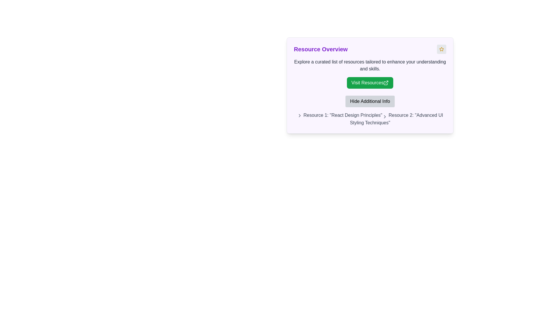 The height and width of the screenshot is (313, 556). I want to click on the star icon located in the top-right corner of the purple panel labeled 'Resource Overview', which serves as a decorative element to indicate prominence, so click(441, 49).